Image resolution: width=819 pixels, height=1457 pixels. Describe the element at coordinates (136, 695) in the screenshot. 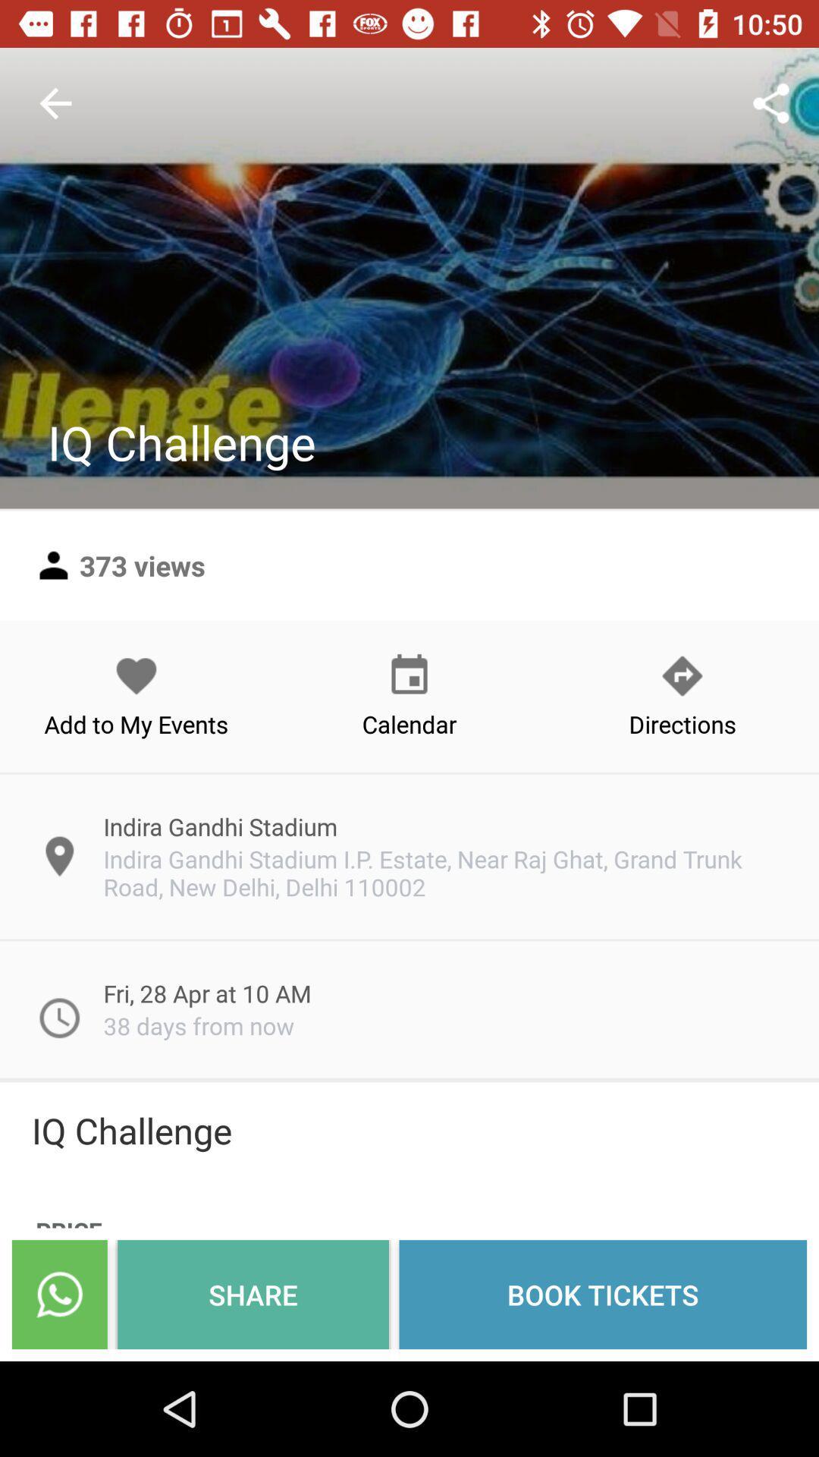

I see `the add to my icon` at that location.